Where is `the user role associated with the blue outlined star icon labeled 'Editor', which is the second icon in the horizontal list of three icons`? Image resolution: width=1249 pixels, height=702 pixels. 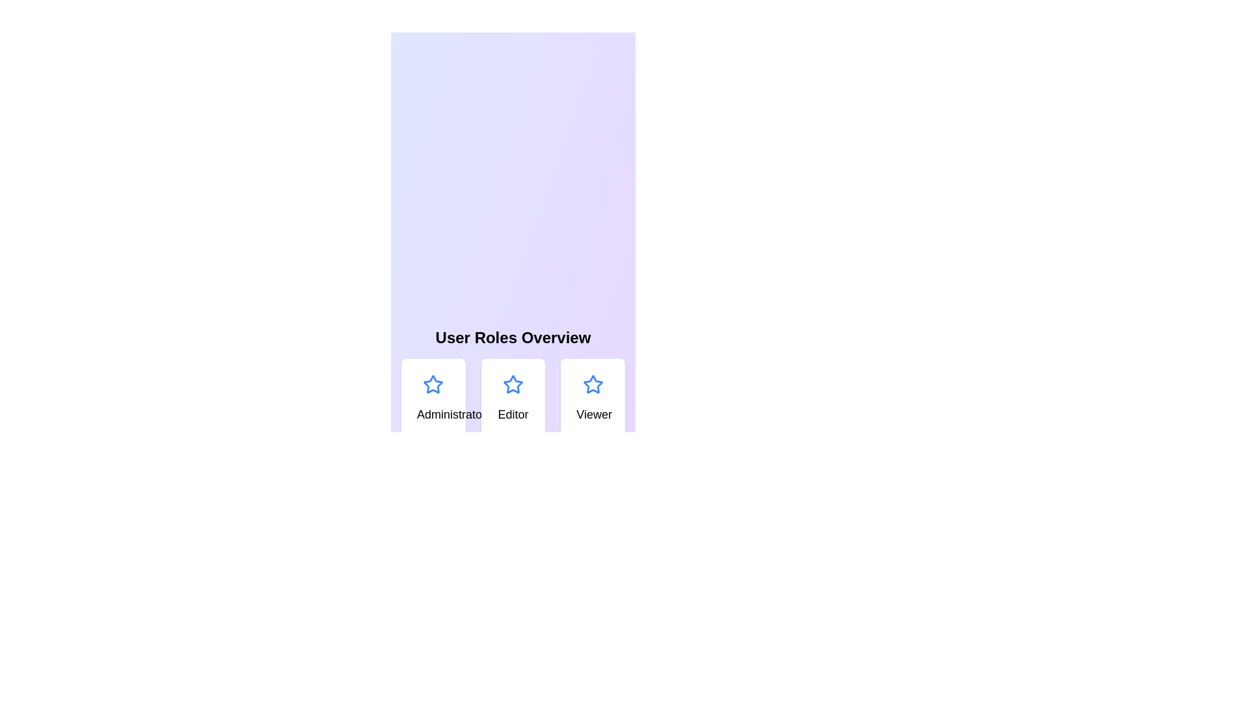 the user role associated with the blue outlined star icon labeled 'Editor', which is the second icon in the horizontal list of three icons is located at coordinates (512, 383).